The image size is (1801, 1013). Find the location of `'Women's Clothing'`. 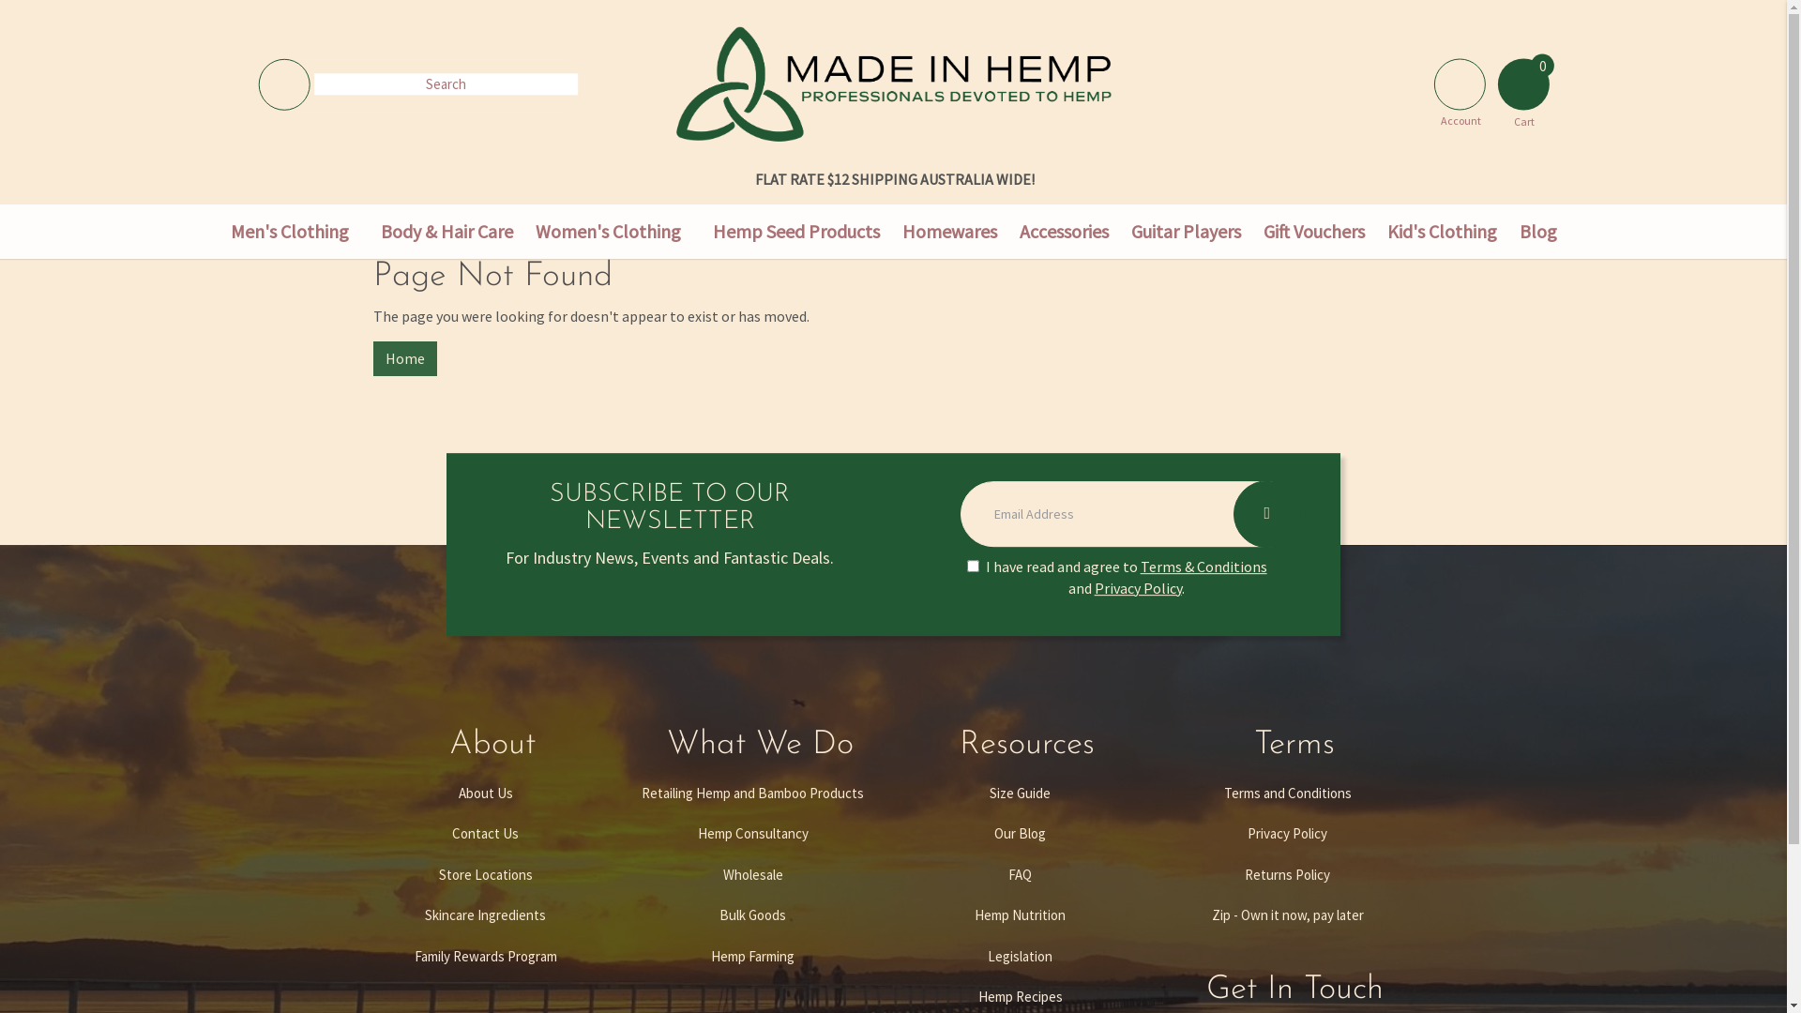

'Women's Clothing' is located at coordinates (522, 231).